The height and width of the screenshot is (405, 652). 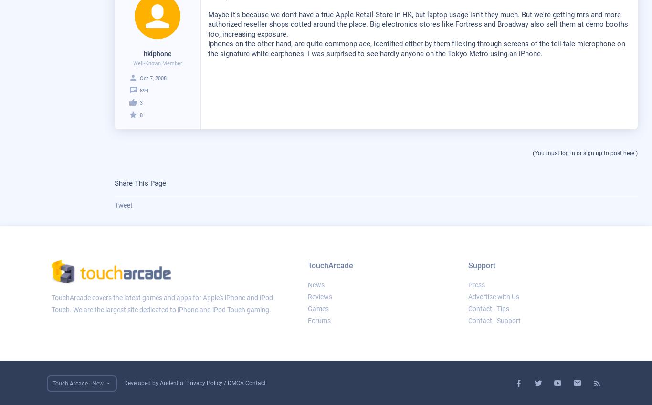 I want to click on 'Contact - Tips', so click(x=488, y=309).